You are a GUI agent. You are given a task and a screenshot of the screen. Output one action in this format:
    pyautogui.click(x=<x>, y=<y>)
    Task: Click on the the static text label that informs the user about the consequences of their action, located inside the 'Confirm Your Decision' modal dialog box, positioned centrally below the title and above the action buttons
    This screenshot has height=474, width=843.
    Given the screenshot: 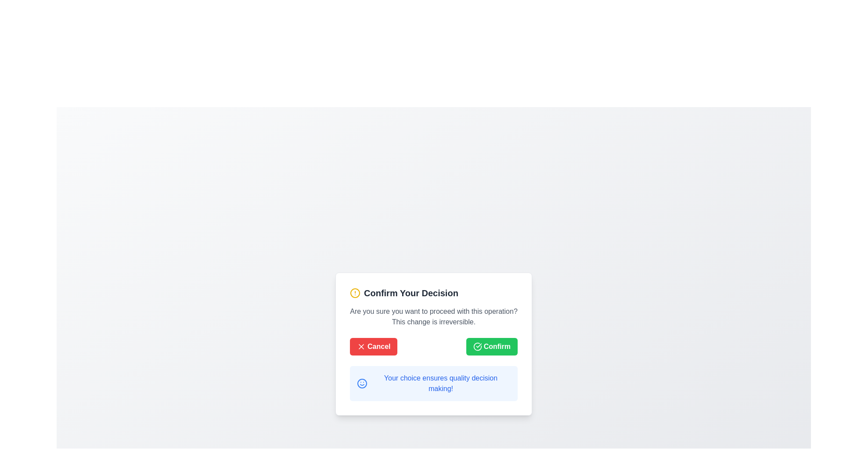 What is the action you would take?
    pyautogui.click(x=434, y=316)
    